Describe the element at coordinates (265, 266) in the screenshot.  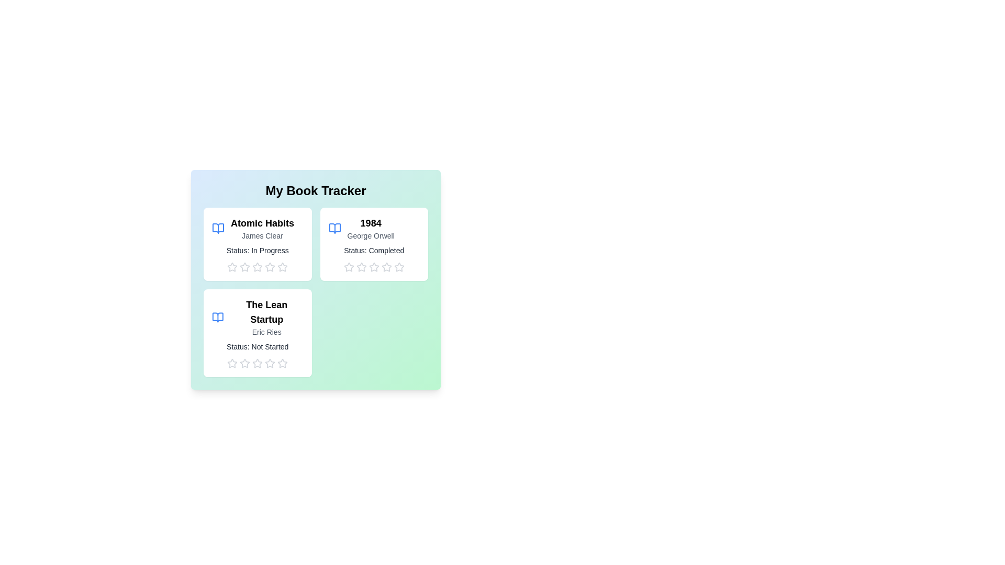
I see `the rating for a book to 4 stars` at that location.